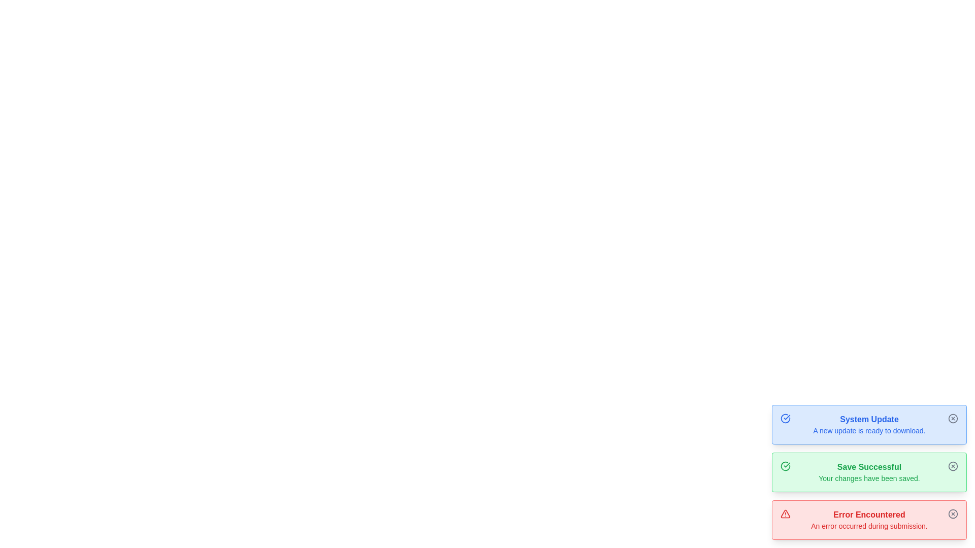  I want to click on the green checkmark icon within the 'Save Successful' message, located to the left of the text content, so click(785, 466).